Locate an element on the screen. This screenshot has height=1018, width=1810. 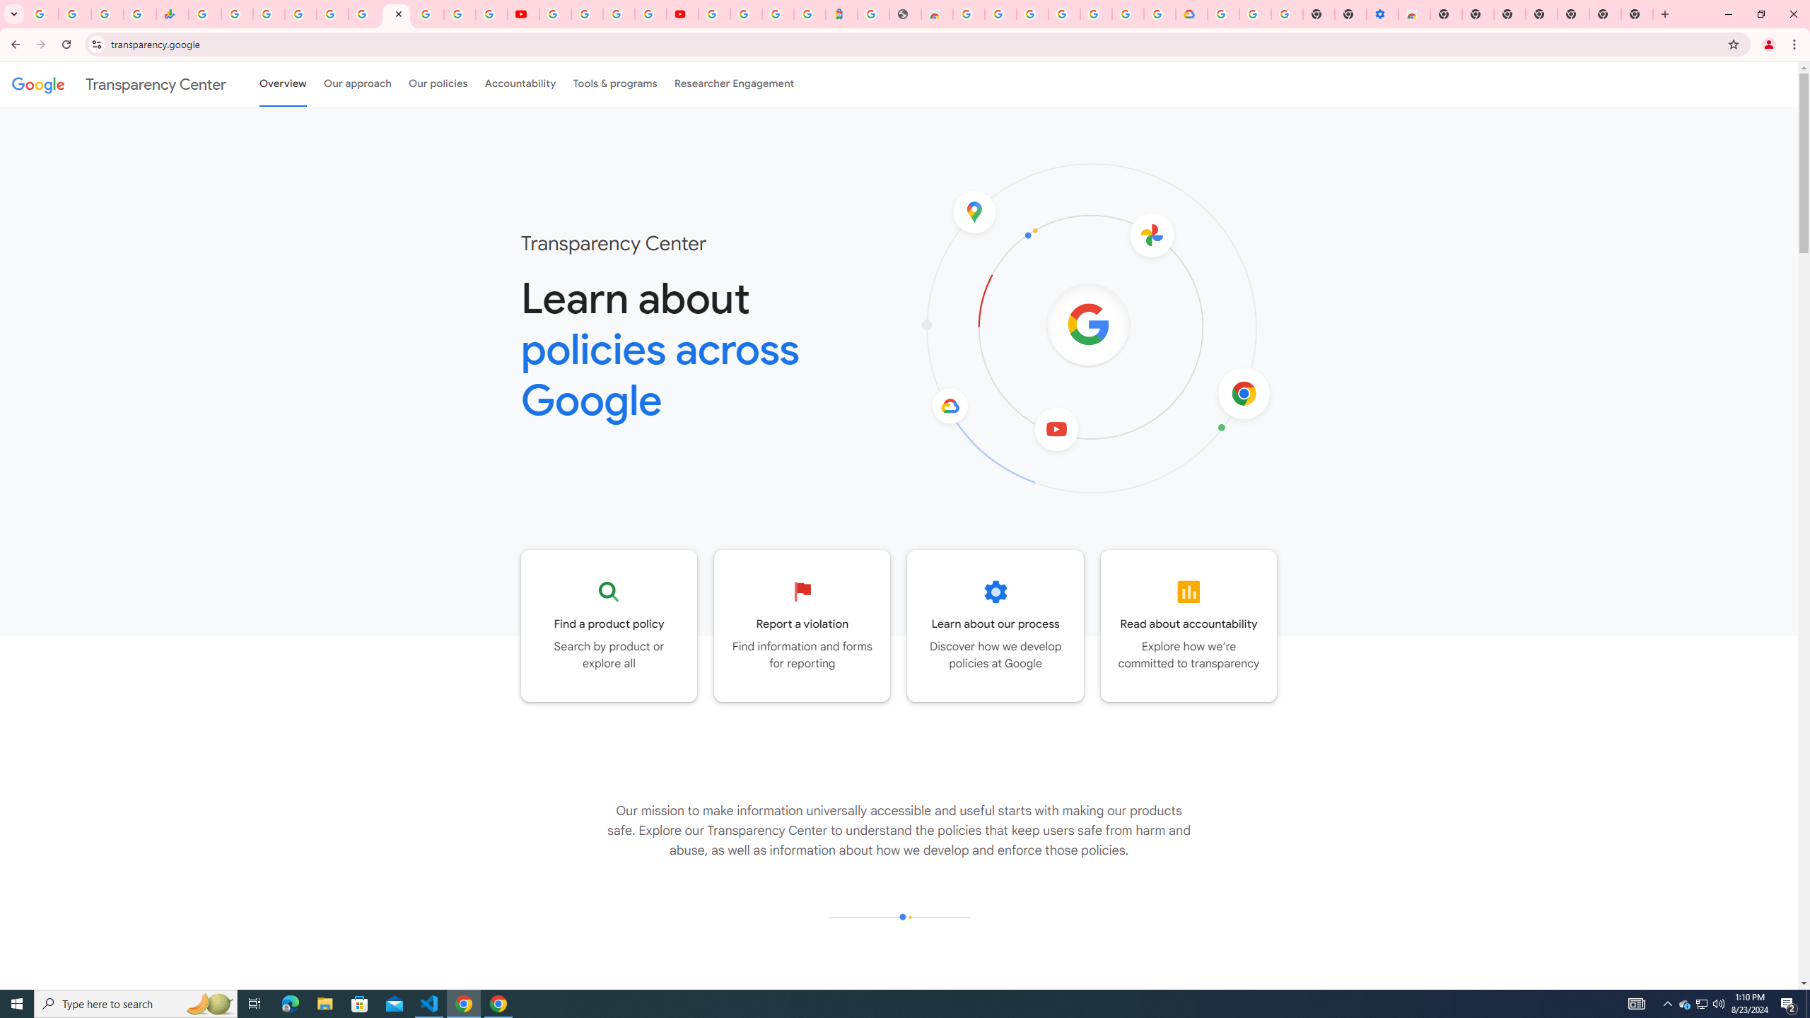
'Create your Google Account' is located at coordinates (619, 13).